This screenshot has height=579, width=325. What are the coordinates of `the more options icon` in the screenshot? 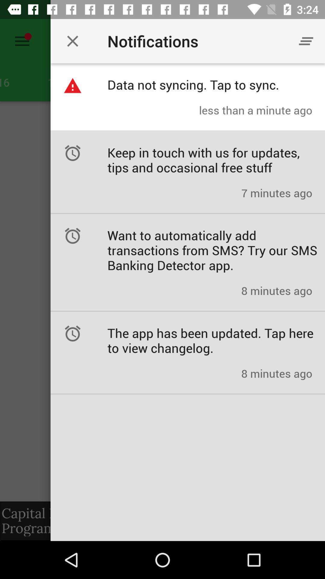 It's located at (306, 41).